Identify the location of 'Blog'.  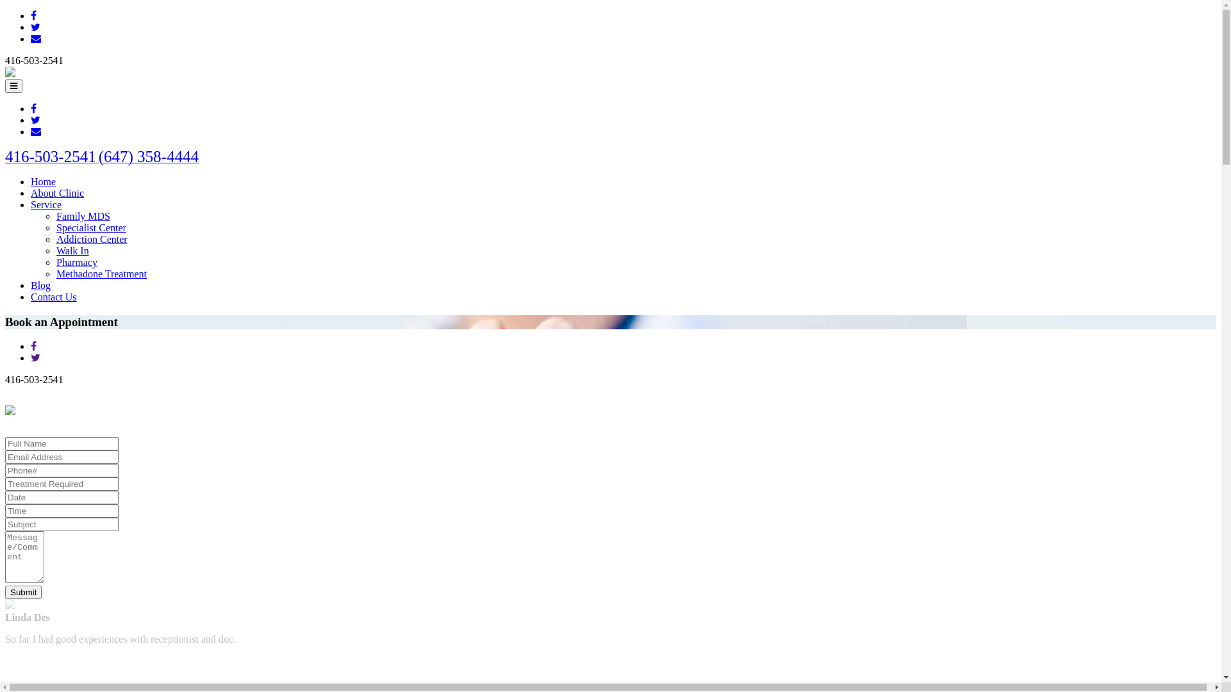
(40, 284).